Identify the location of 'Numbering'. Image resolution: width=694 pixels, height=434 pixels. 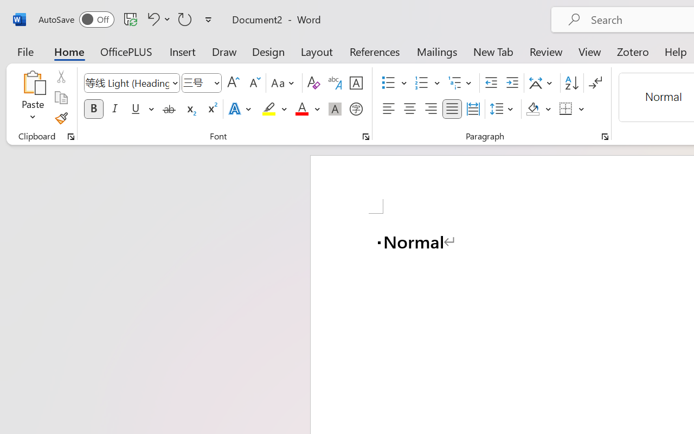
(421, 83).